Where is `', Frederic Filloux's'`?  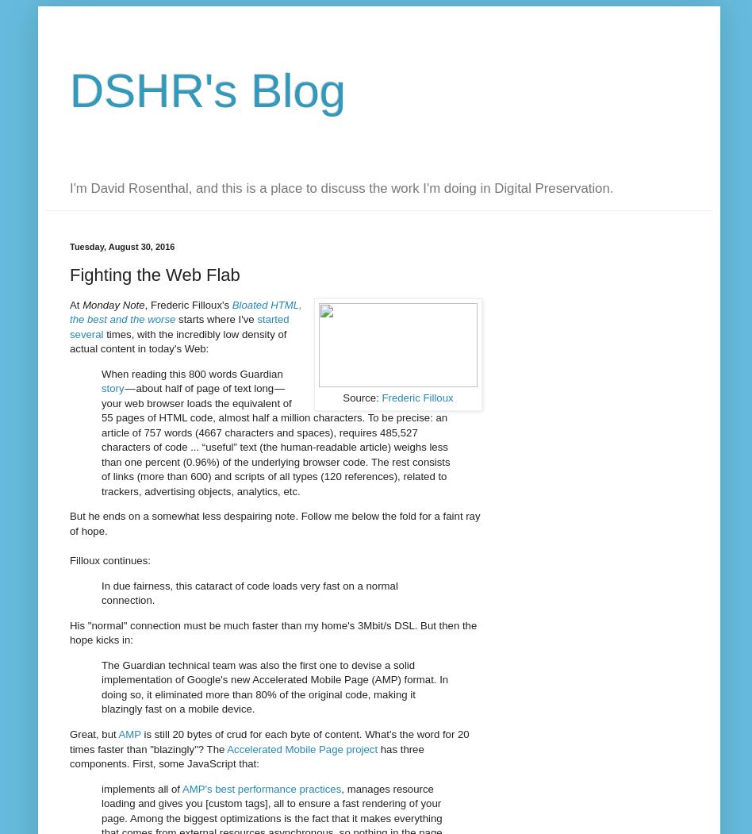 ', Frederic Filloux's' is located at coordinates (188, 303).